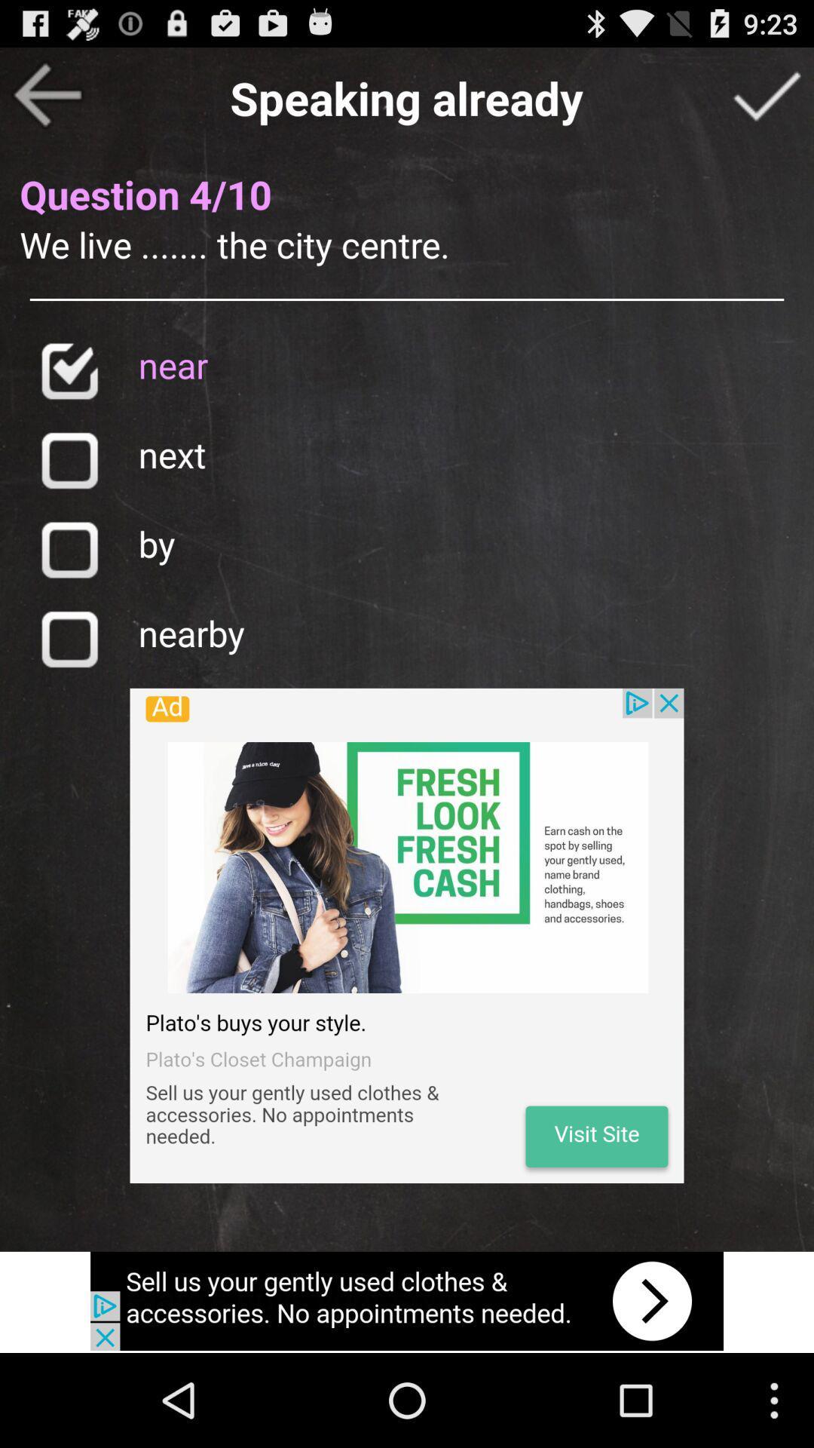 This screenshot has height=1448, width=814. Describe the element at coordinates (407, 934) in the screenshot. I see `advertisement` at that location.